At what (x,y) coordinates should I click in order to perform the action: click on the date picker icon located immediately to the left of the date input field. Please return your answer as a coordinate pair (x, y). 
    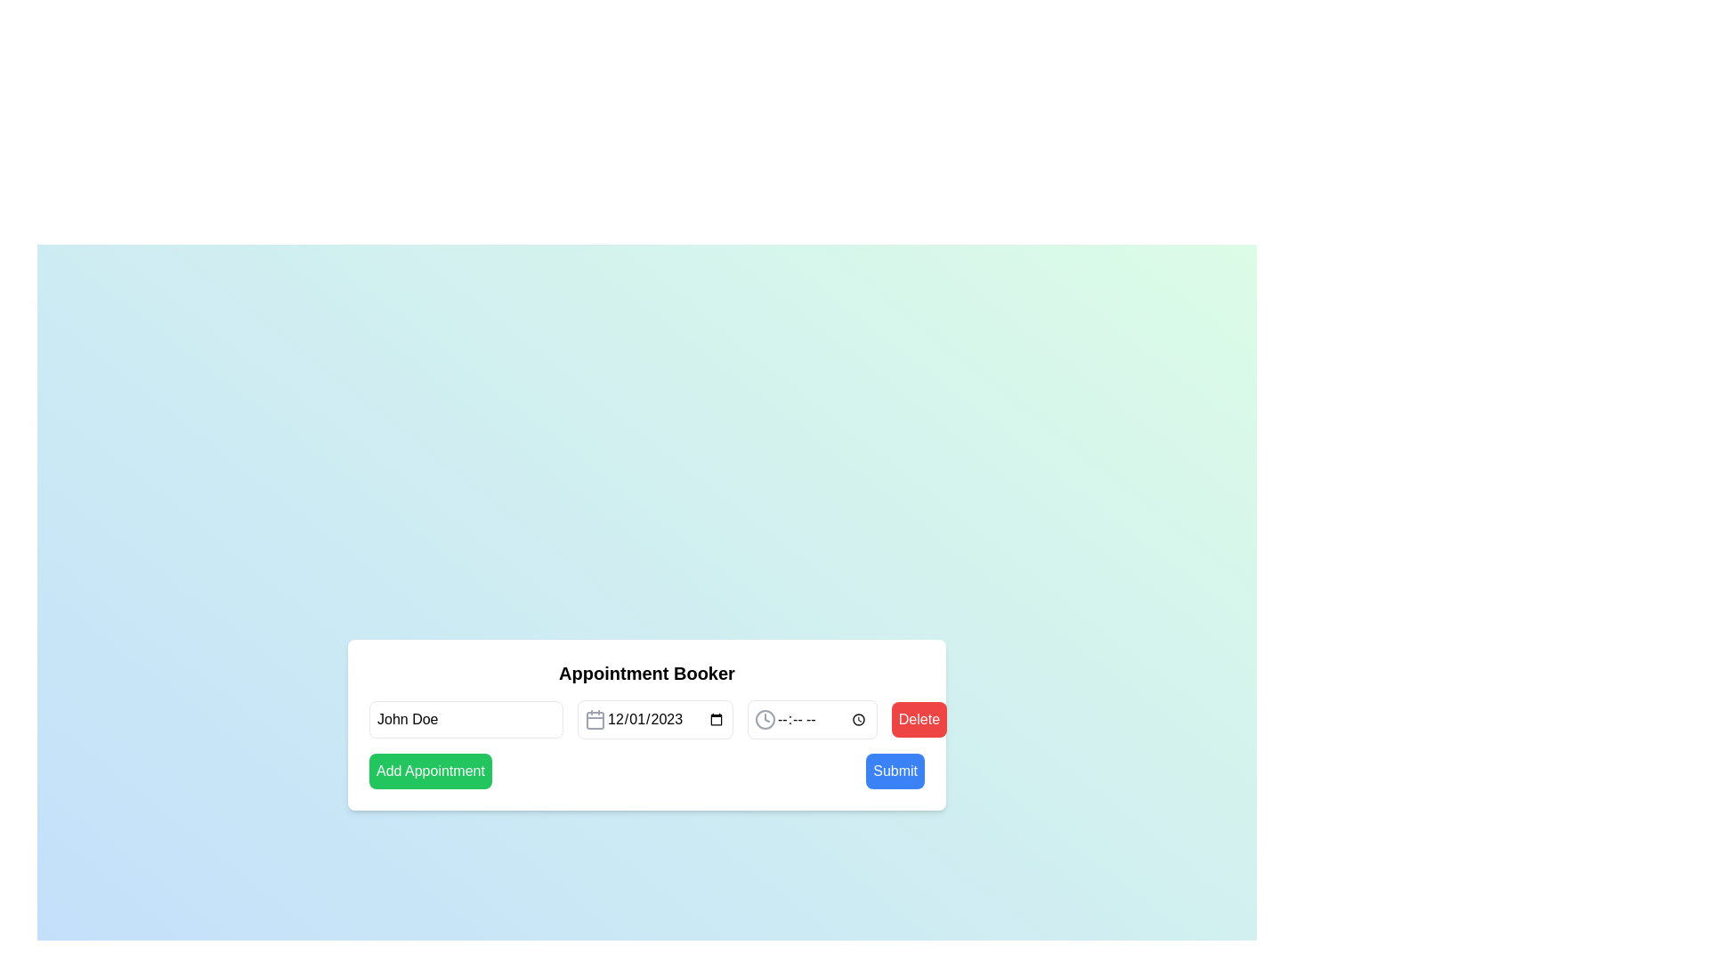
    Looking at the image, I should click on (595, 719).